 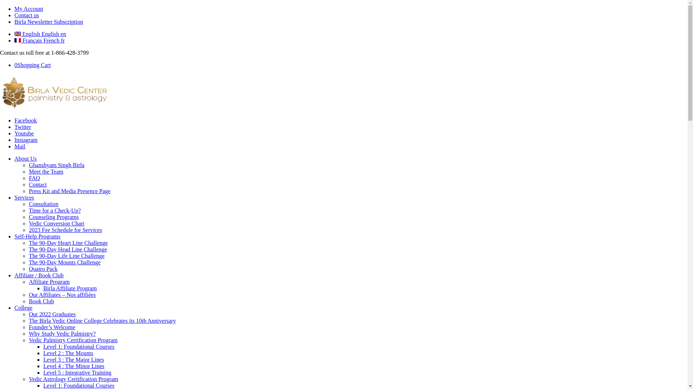 What do you see at coordinates (41, 301) in the screenshot?
I see `'Book Club'` at bounding box center [41, 301].